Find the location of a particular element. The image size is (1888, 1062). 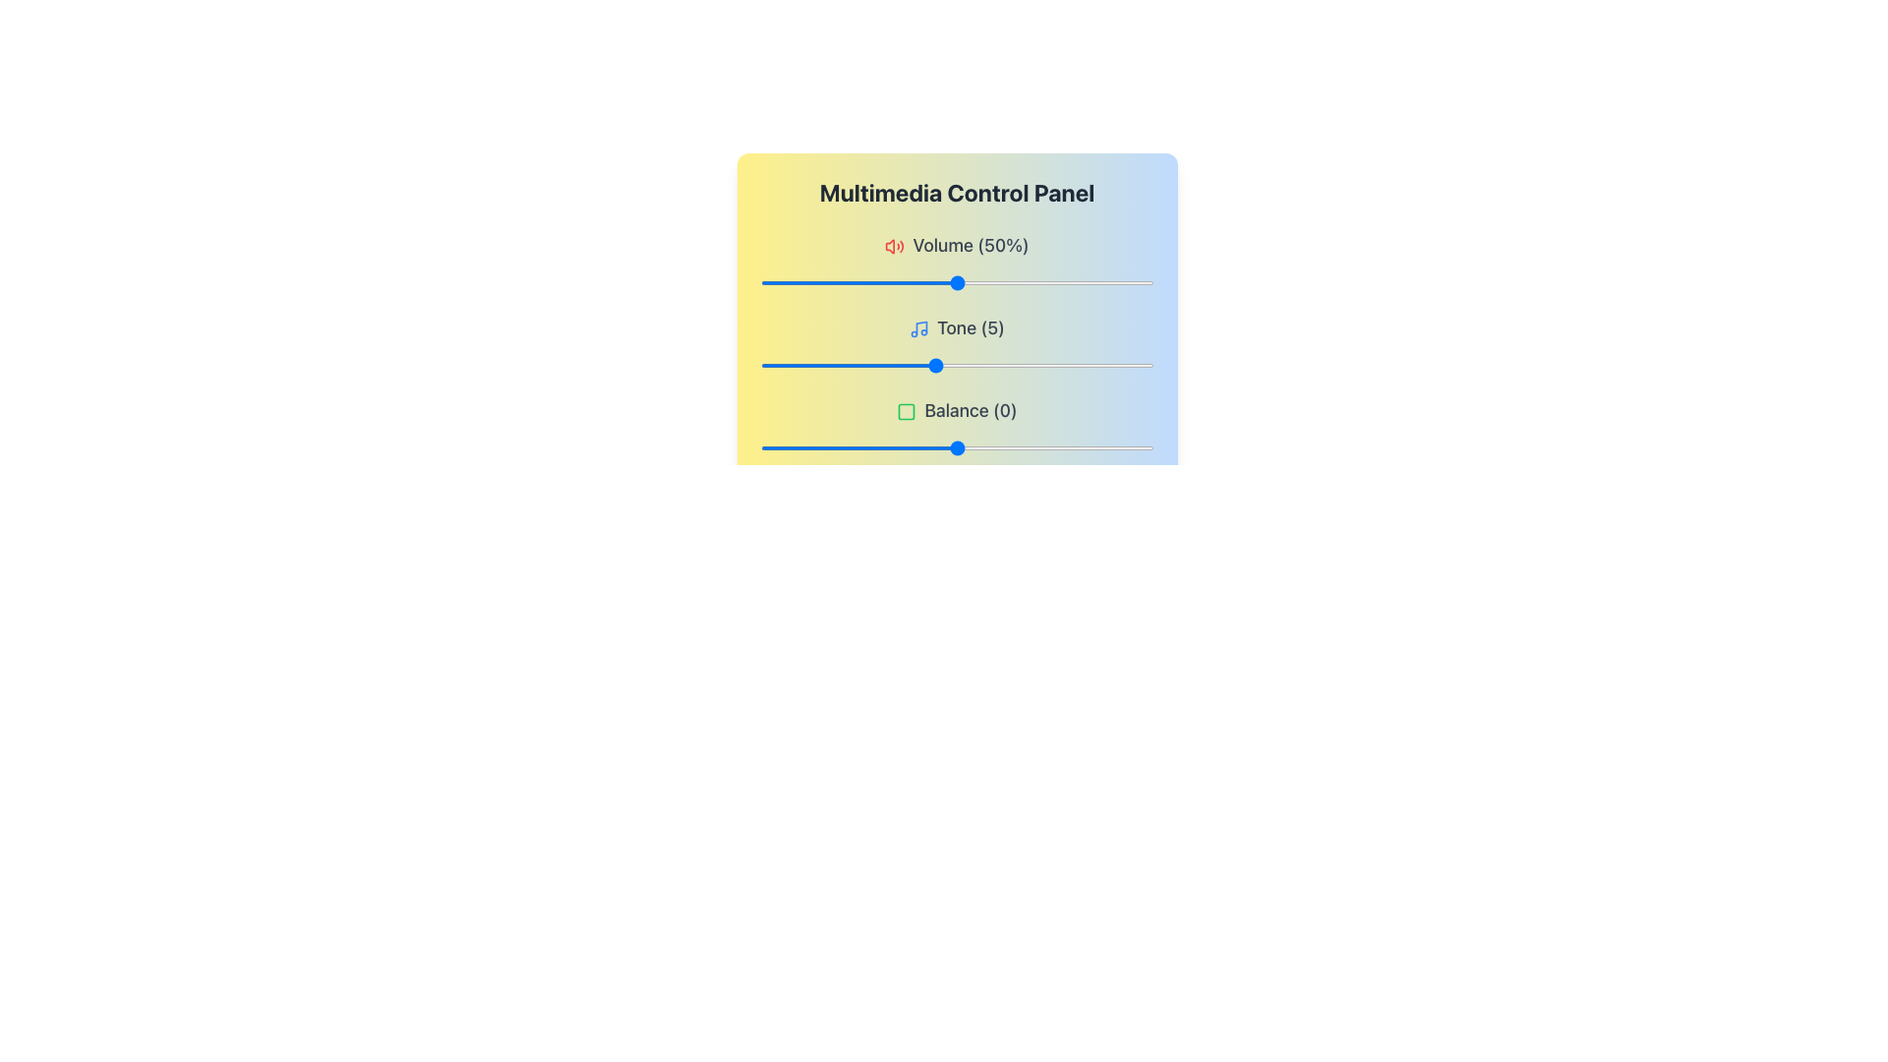

balance is located at coordinates (1082, 447).